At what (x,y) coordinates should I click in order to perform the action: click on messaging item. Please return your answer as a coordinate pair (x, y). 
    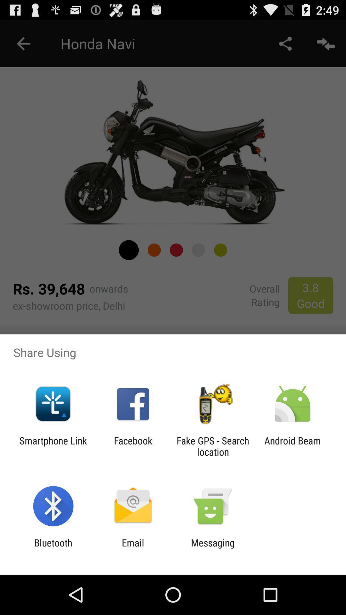
    Looking at the image, I should click on (213, 548).